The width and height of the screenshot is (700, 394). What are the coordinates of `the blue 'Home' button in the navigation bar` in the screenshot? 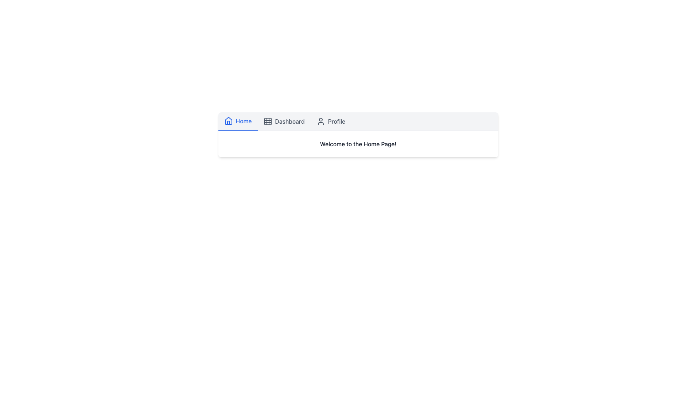 It's located at (238, 121).